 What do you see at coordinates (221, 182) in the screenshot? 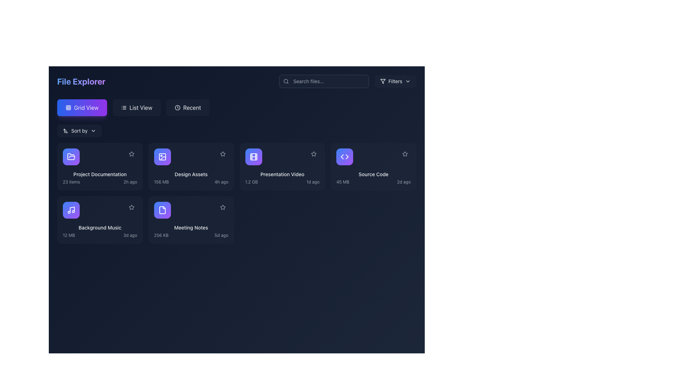
I see `textual element displaying '4h ago', which is styled in a small, light gray sans-serif font and located at the bottom right corner of the 'Design Assets' card in the file explorer grid layout` at bounding box center [221, 182].